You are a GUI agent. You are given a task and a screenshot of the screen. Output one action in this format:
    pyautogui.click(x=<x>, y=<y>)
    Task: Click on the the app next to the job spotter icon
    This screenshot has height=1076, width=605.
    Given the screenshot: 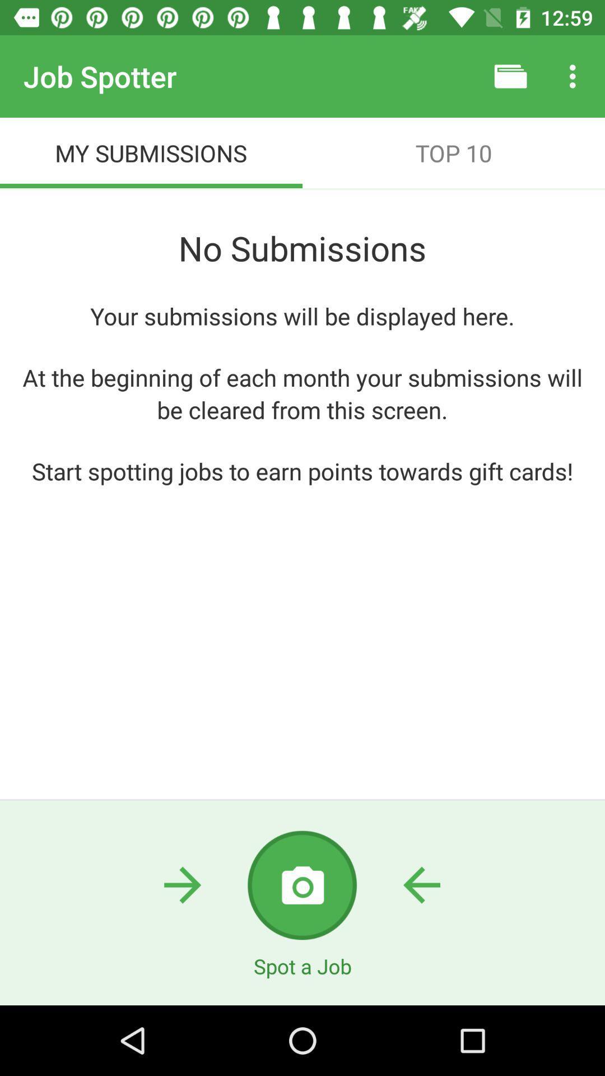 What is the action you would take?
    pyautogui.click(x=510, y=76)
    